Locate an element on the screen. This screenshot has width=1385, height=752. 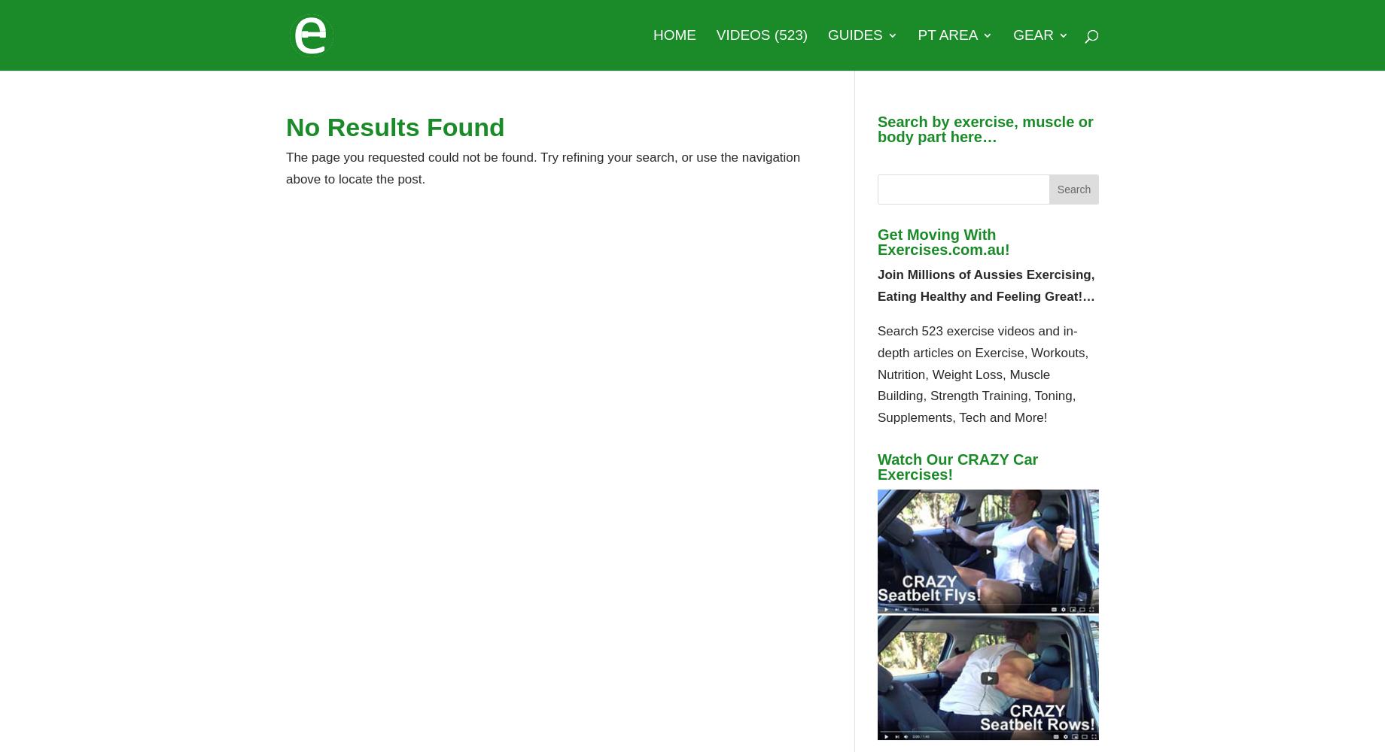
'Watch Our CRAZY Car Exercises!' is located at coordinates (957, 466).